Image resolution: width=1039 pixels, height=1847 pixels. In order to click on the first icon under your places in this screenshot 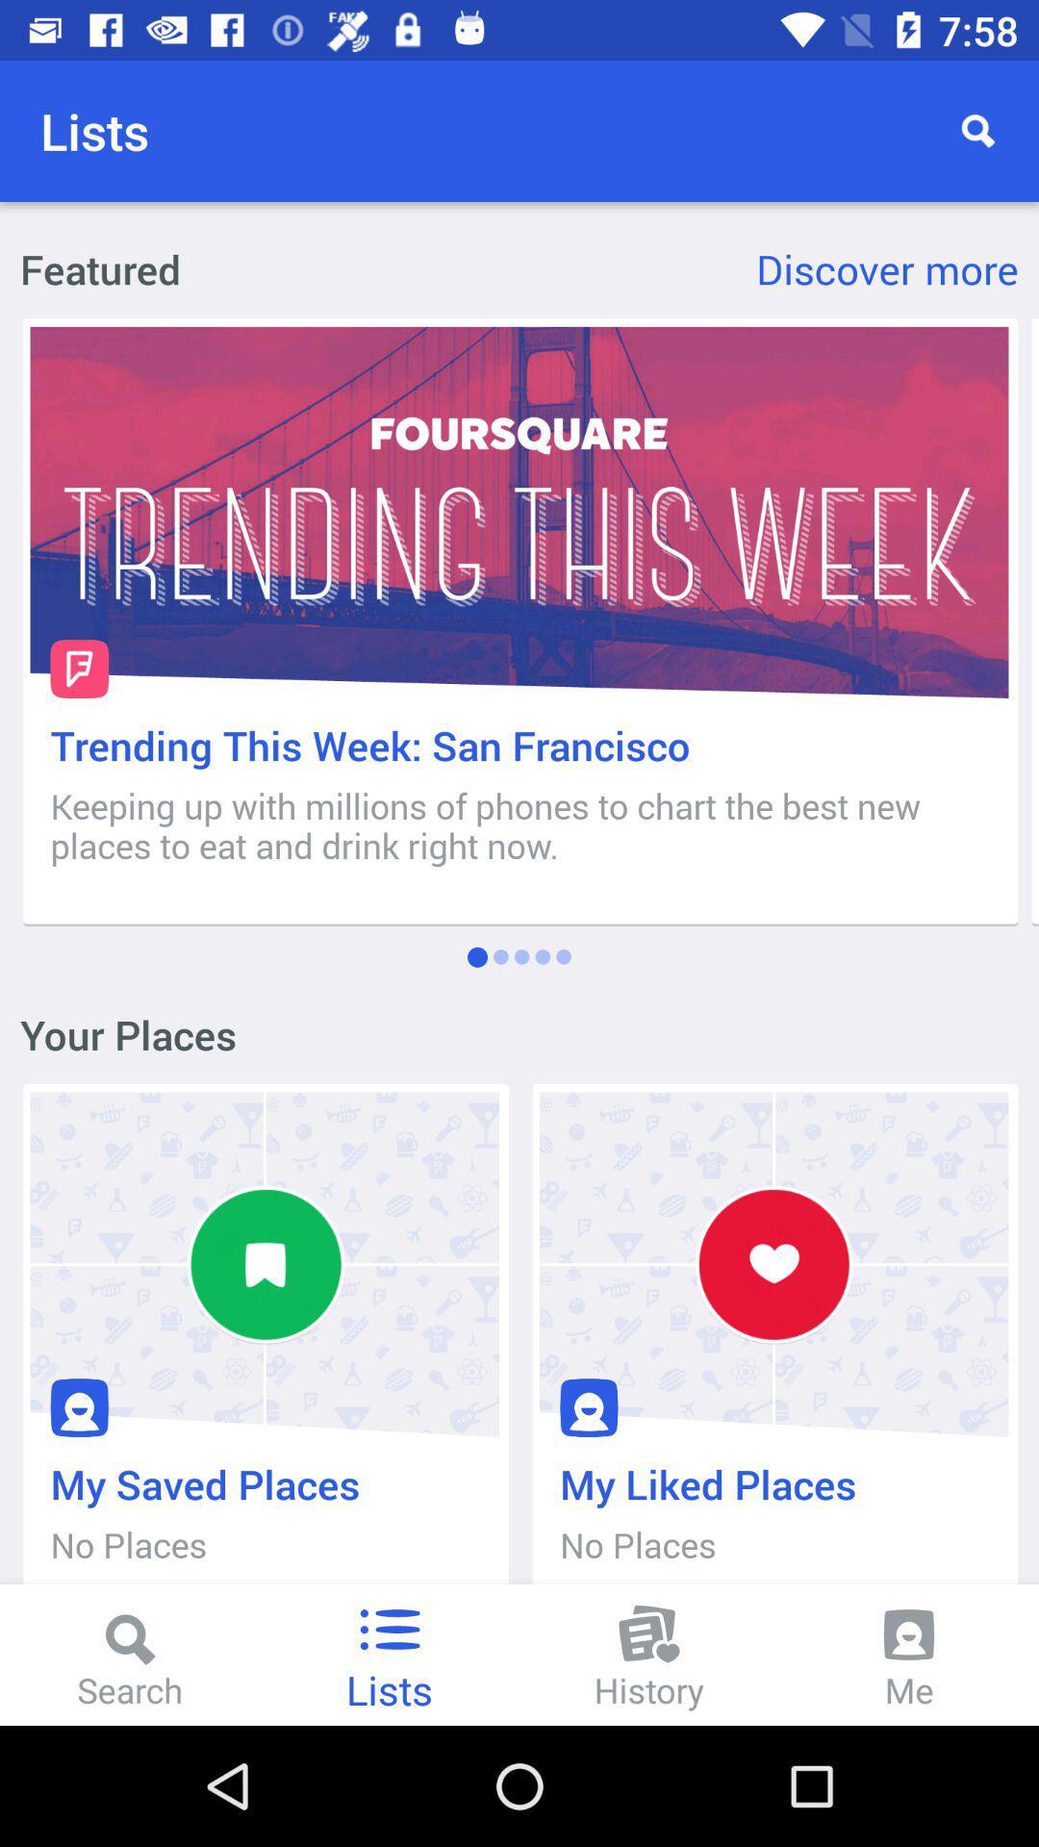, I will do `click(264, 1265)`.